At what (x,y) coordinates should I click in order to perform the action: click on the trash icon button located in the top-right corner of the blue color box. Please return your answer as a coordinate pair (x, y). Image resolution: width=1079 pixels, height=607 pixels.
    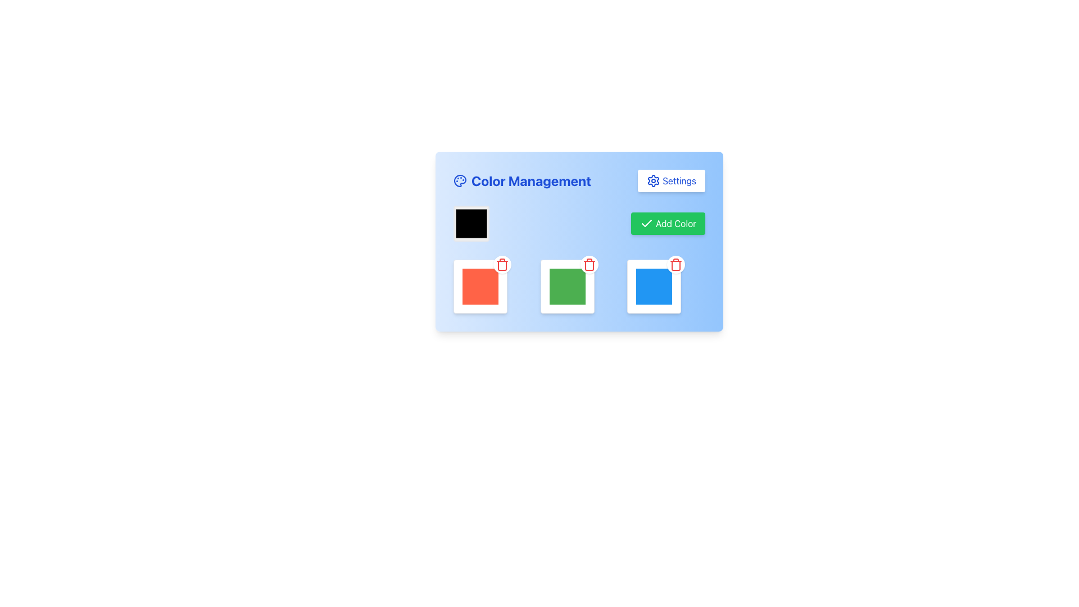
    Looking at the image, I should click on (675, 264).